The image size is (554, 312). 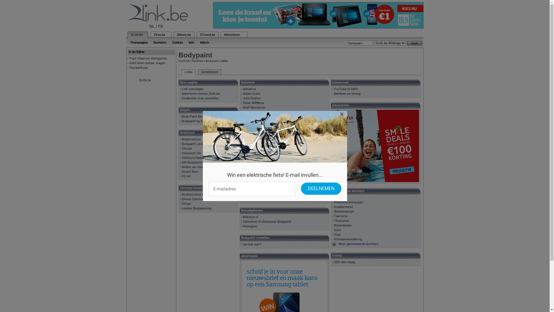 What do you see at coordinates (199, 35) in the screenshot?
I see `'2Travel.be'` at bounding box center [199, 35].